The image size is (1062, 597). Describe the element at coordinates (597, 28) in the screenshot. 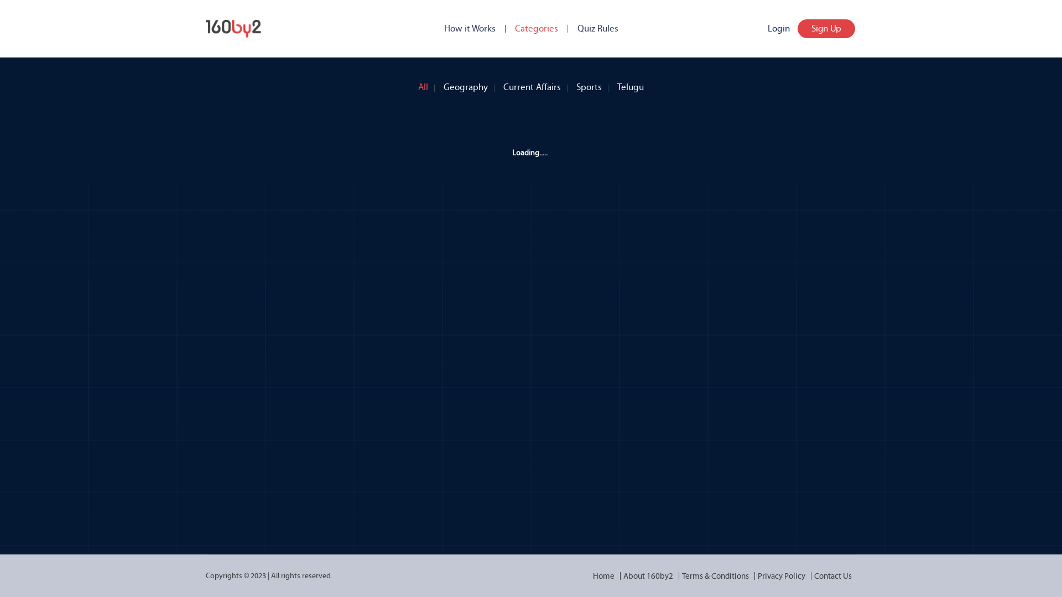

I see `'Quiz Rules'` at that location.